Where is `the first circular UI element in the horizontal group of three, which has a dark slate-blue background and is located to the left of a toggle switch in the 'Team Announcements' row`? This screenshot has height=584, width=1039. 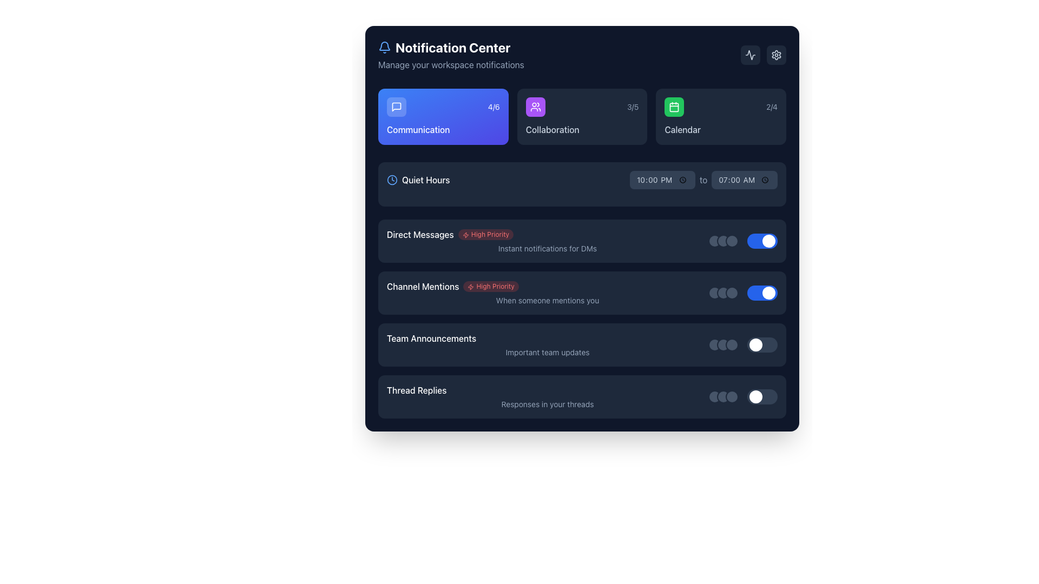 the first circular UI element in the horizontal group of three, which has a dark slate-blue background and is located to the left of a toggle switch in the 'Team Announcements' row is located at coordinates (714, 344).